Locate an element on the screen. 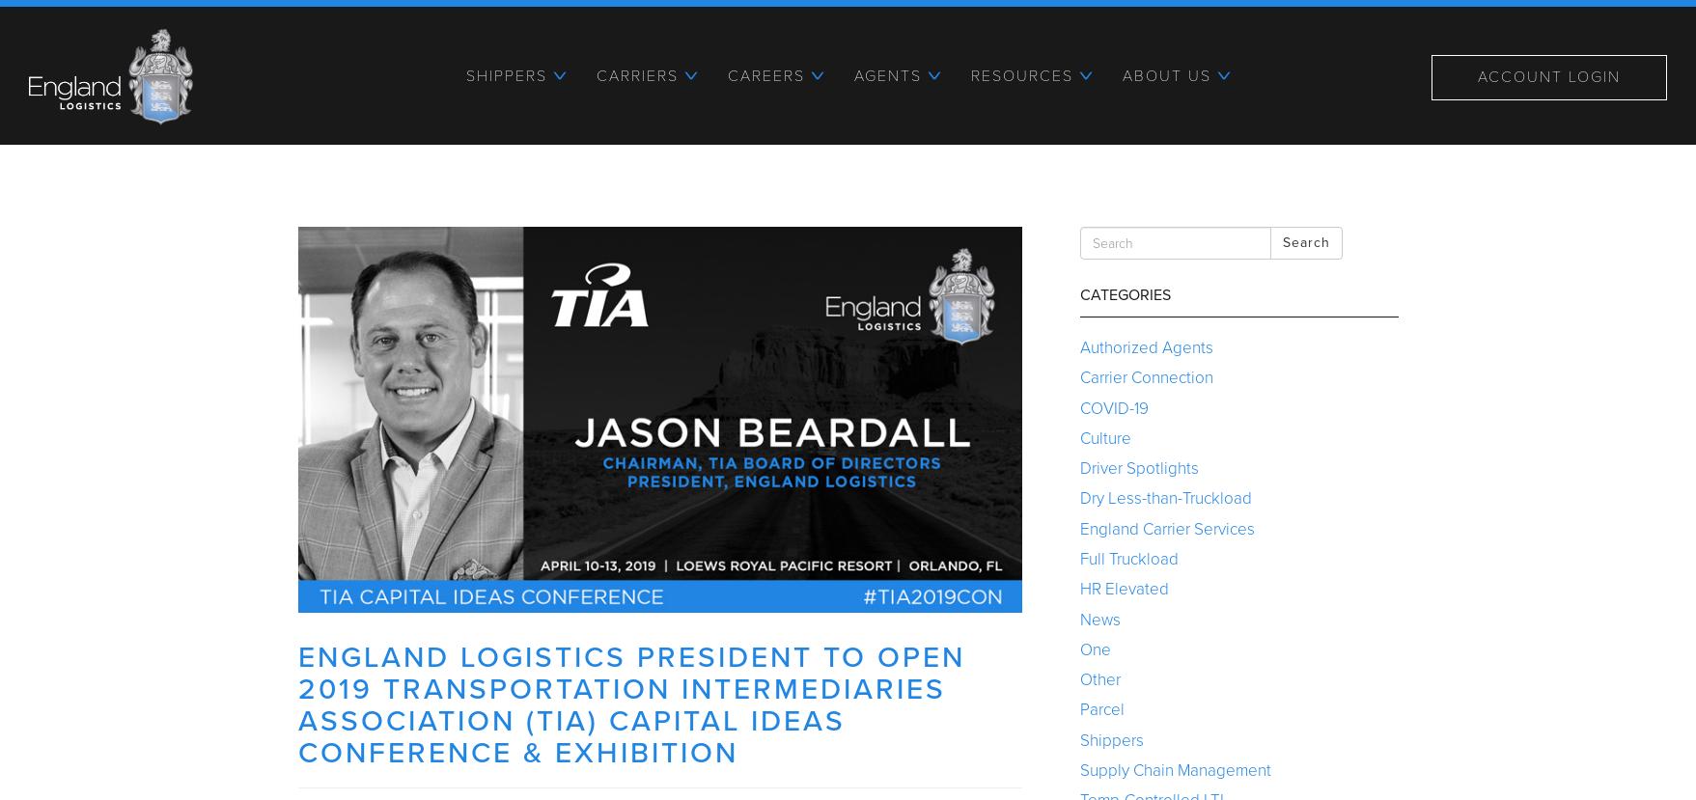 The height and width of the screenshot is (800, 1696). 'Carriers' is located at coordinates (596, 76).